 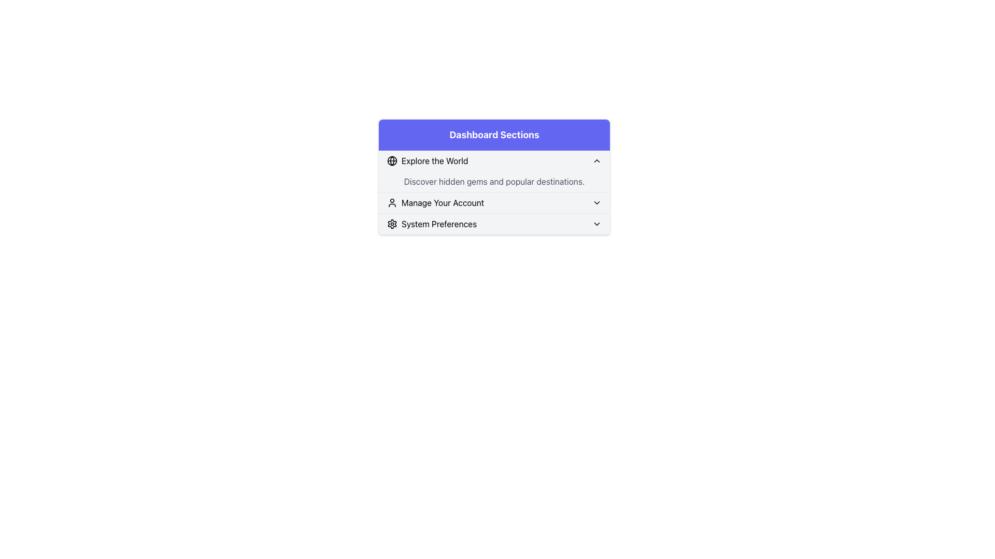 I want to click on the account settings icon located in the 'Manage Your Account' section of the dashboard, which is left-aligned next to the text 'Manage Your Account', so click(x=392, y=203).